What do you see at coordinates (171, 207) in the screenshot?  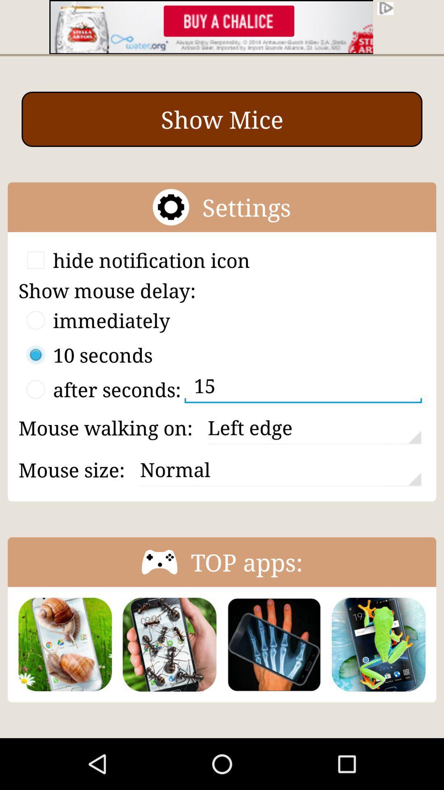 I see `the setting icon beside the settings text` at bounding box center [171, 207].